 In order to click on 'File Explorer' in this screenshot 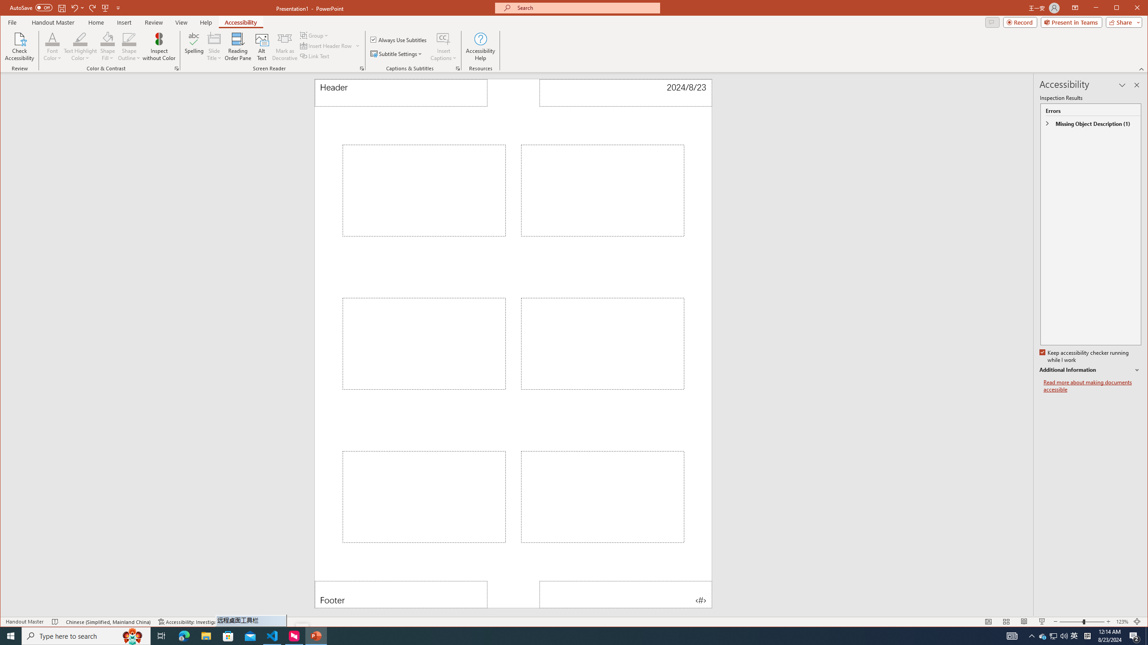, I will do `click(205, 635)`.